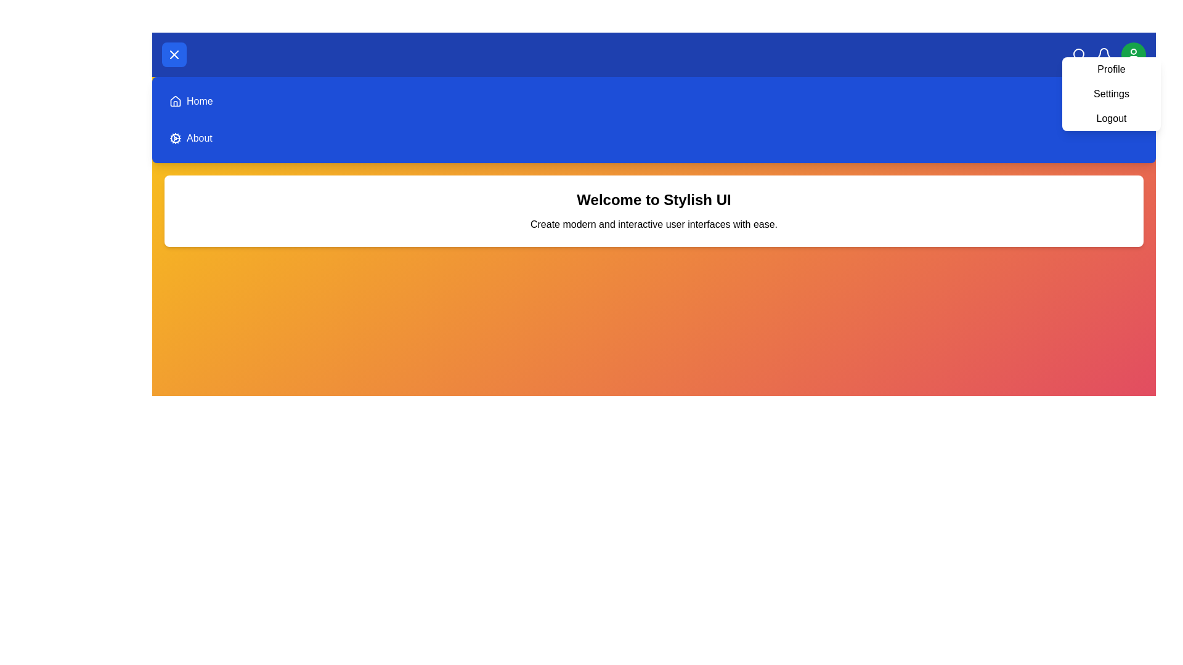 The image size is (1183, 665). What do you see at coordinates (1112, 118) in the screenshot?
I see `the Logout from the profile dropdown menu` at bounding box center [1112, 118].